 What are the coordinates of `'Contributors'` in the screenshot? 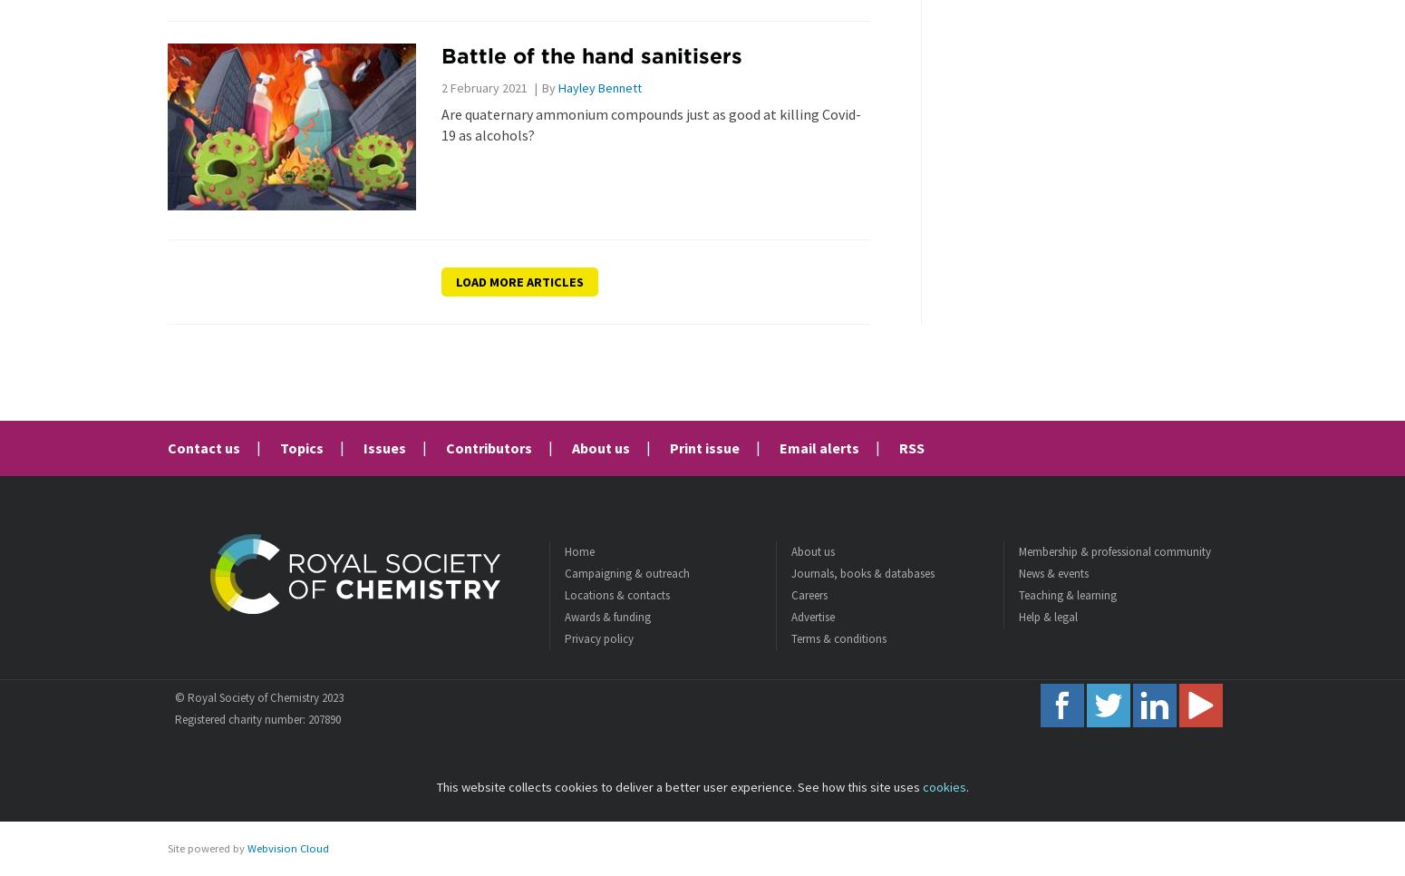 It's located at (444, 447).